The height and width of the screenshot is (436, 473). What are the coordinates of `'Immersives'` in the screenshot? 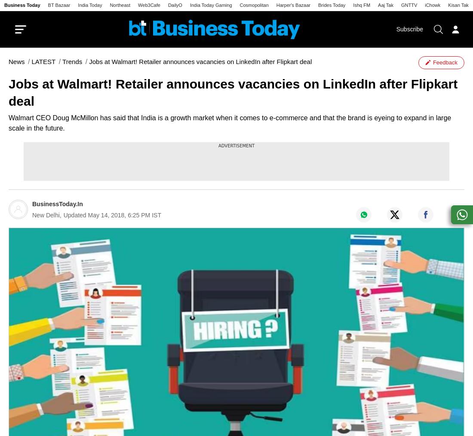 It's located at (255, 276).